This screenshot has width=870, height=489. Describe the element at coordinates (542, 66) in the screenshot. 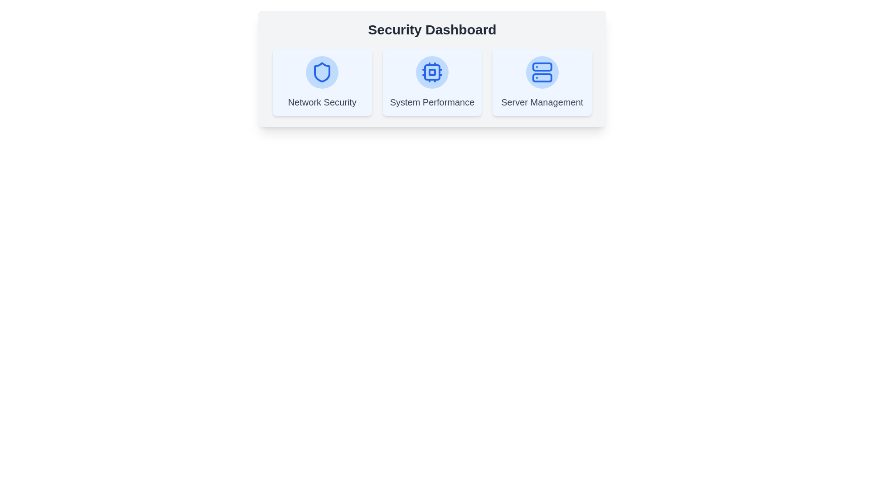

I see `the SVG Rectangle, which is a rounded rectangle located at the upper part of the 'server' icon, positioned to the right of the 'network' and 'performance' icons` at that location.